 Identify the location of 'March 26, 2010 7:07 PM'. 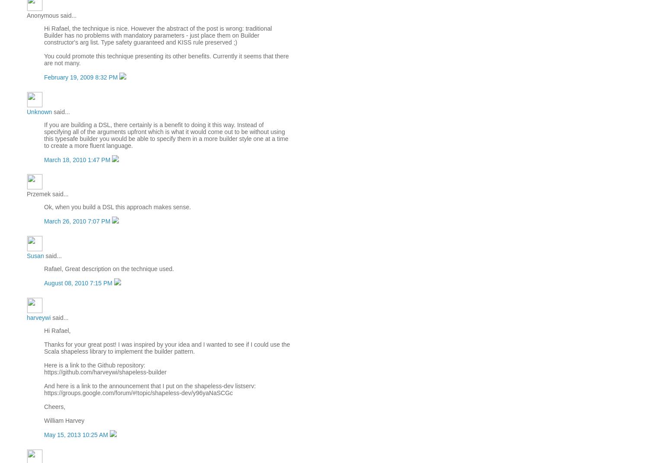
(78, 221).